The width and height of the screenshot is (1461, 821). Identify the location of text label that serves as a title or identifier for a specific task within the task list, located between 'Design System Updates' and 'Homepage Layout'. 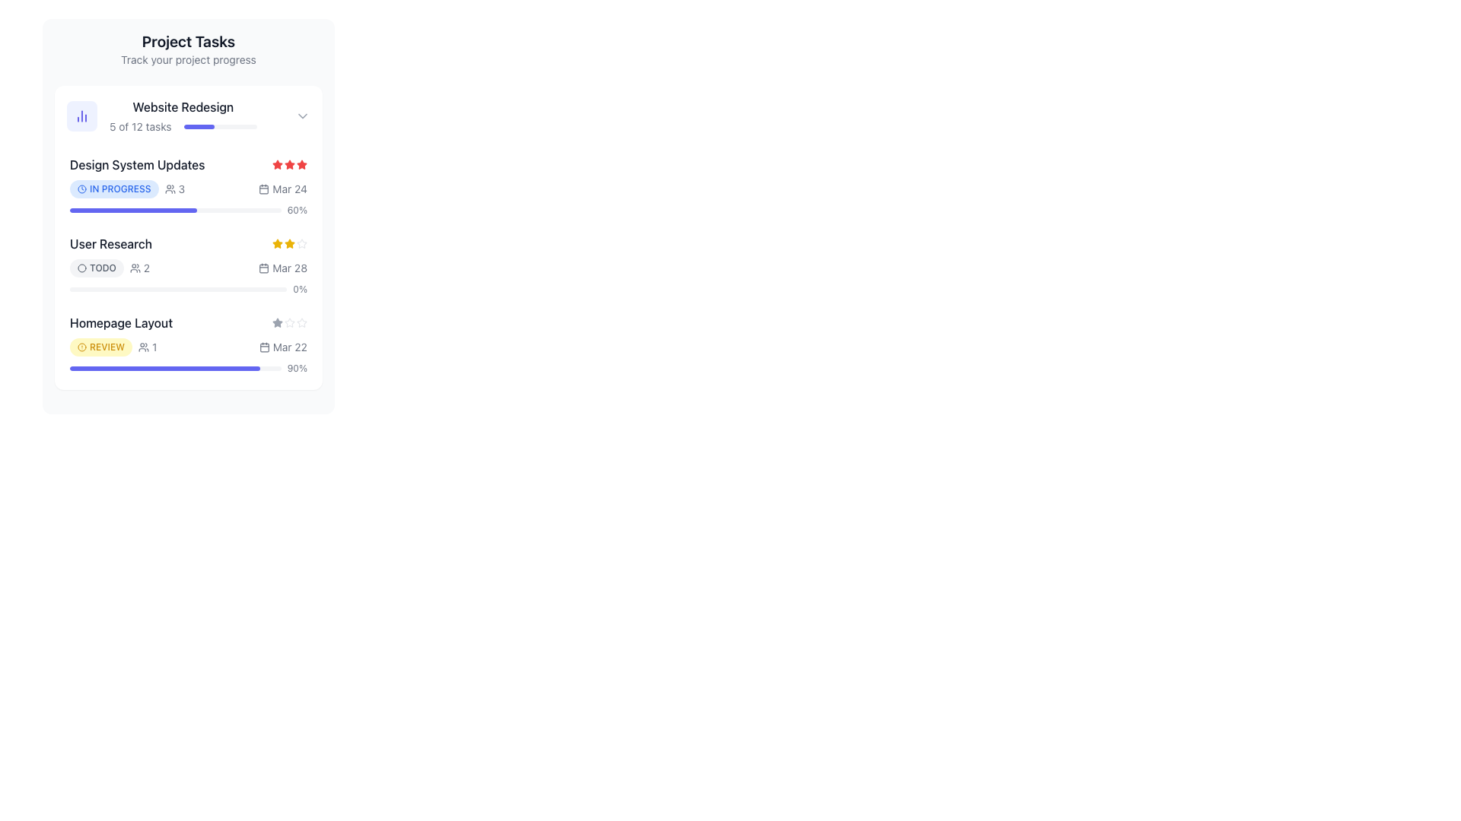
(110, 242).